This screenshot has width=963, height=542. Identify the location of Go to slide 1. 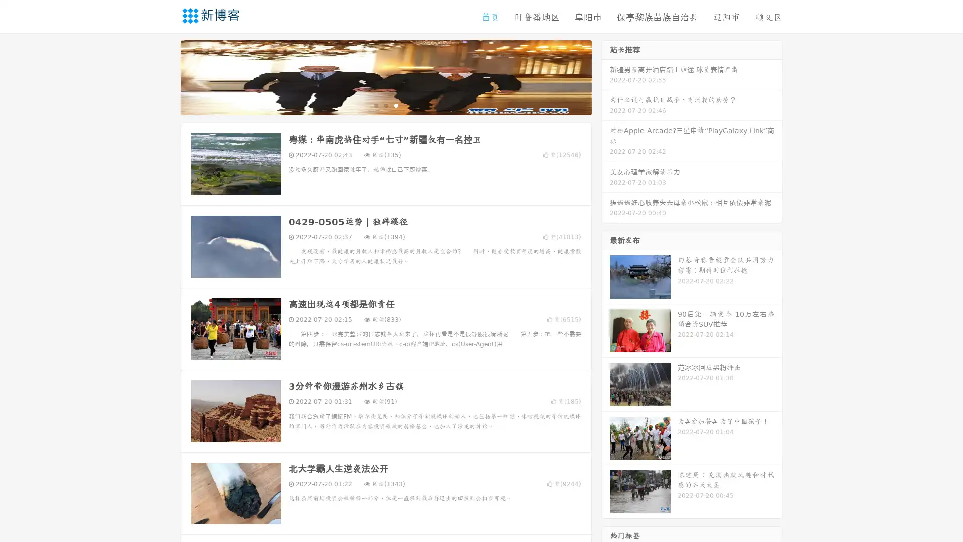
(375, 113).